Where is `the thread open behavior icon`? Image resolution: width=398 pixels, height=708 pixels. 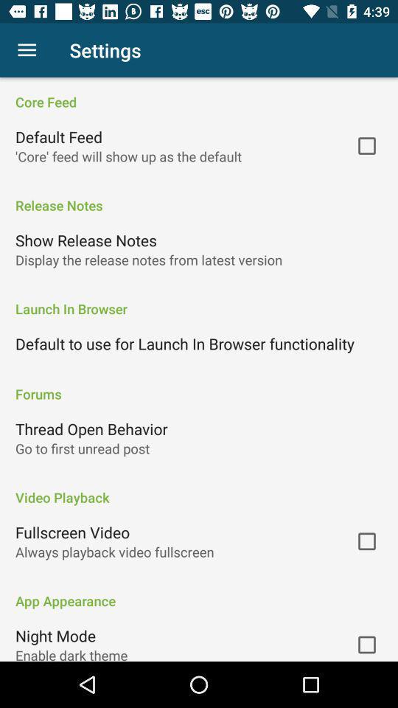
the thread open behavior icon is located at coordinates (91, 428).